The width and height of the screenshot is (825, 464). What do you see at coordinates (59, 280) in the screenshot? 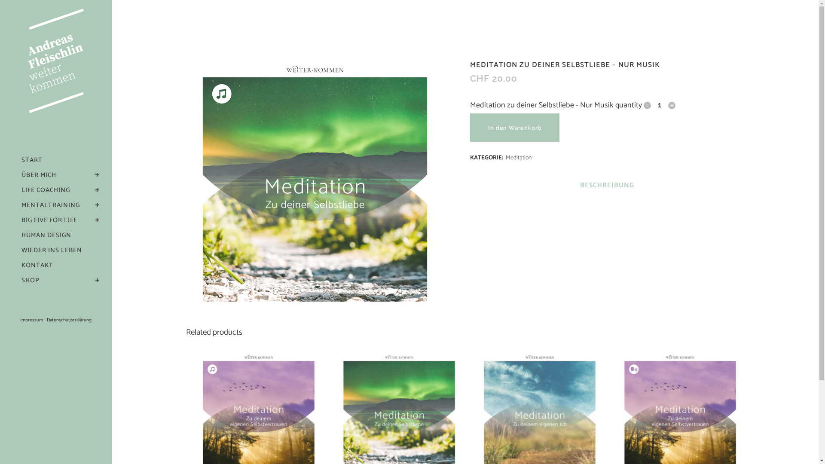
I see `'SHOP'` at bounding box center [59, 280].